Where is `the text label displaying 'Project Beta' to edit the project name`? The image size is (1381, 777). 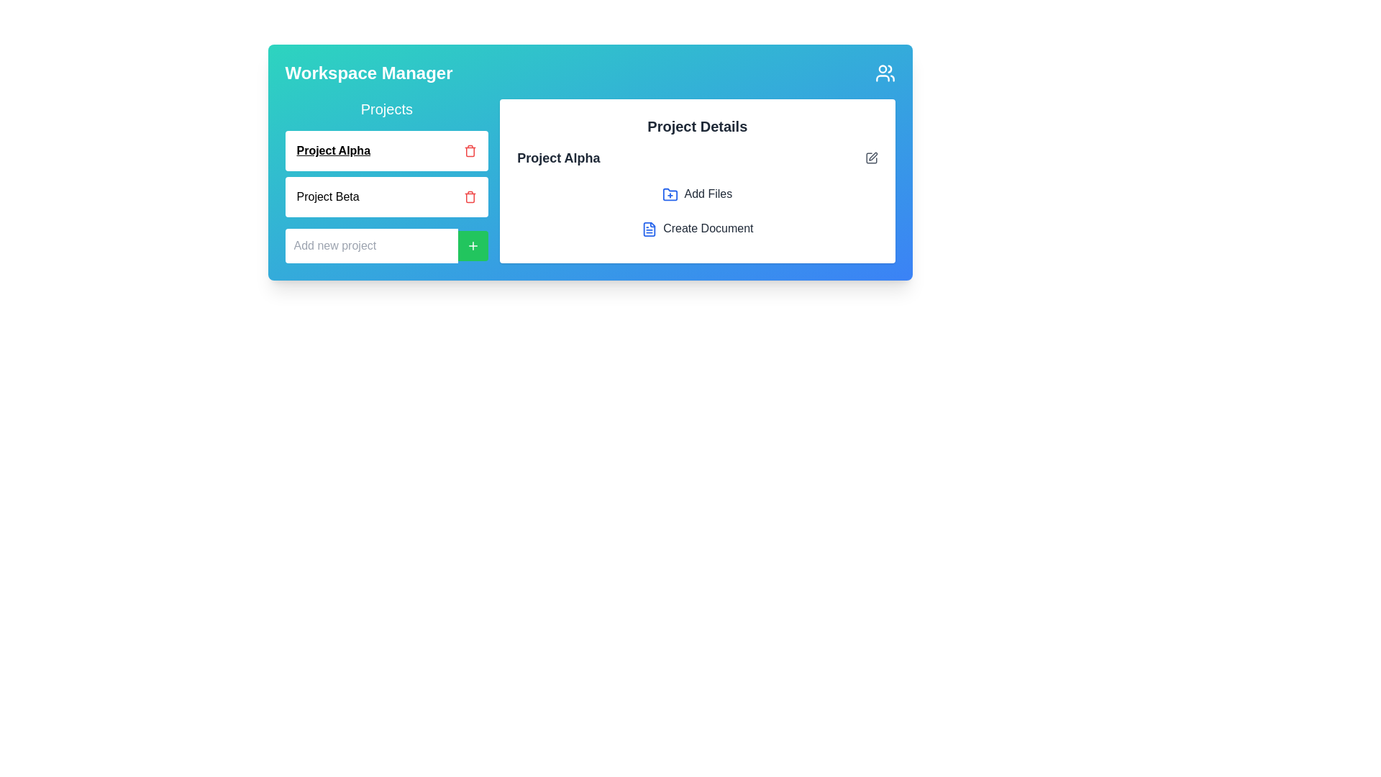 the text label displaying 'Project Beta' to edit the project name is located at coordinates (327, 196).